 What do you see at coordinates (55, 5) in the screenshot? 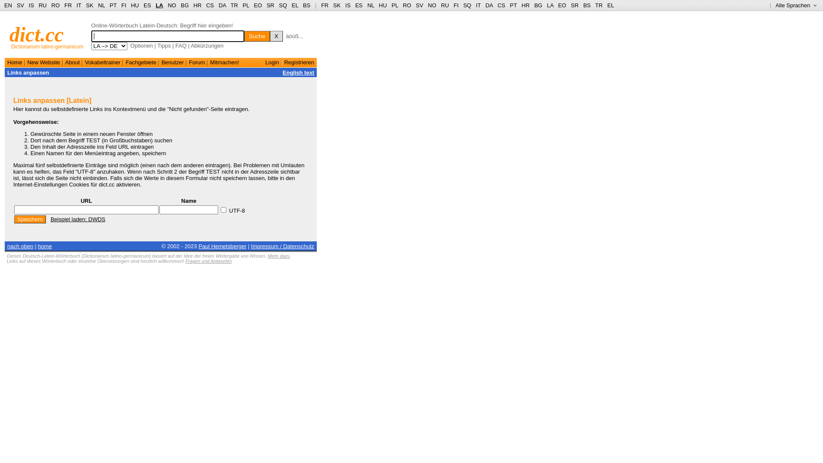
I see `'RO'` at bounding box center [55, 5].